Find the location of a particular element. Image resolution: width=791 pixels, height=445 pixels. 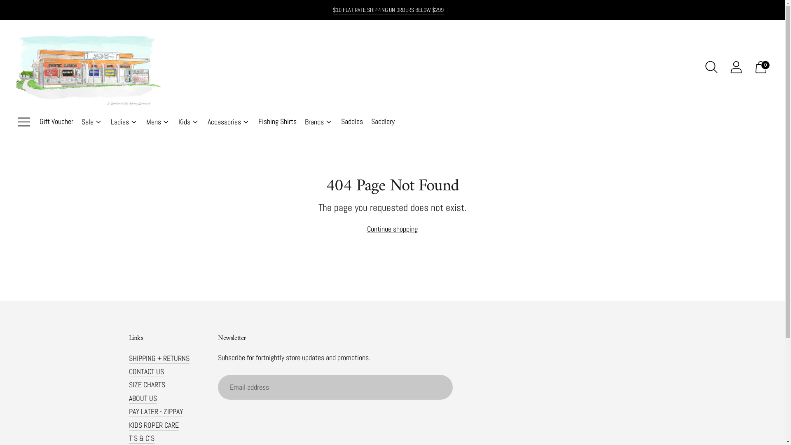

'Fishing Shirts' is located at coordinates (277, 122).